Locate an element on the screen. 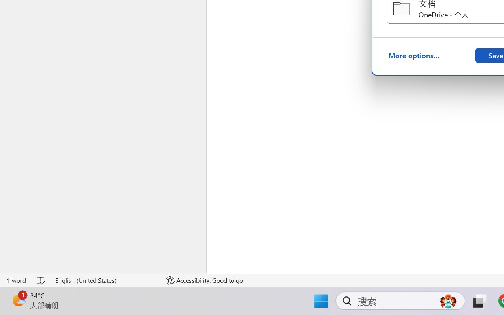  'AutomationID: BadgeAnchorLargeTicker' is located at coordinates (18, 300).